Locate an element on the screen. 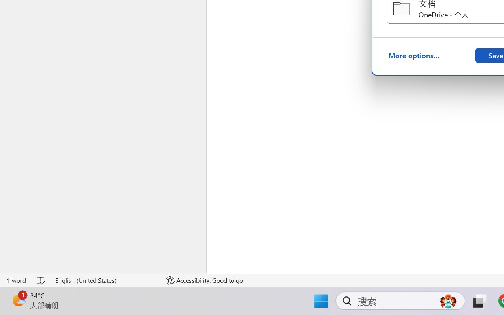  'AutomationID: BadgeAnchorLargeTicker' is located at coordinates (18, 300).